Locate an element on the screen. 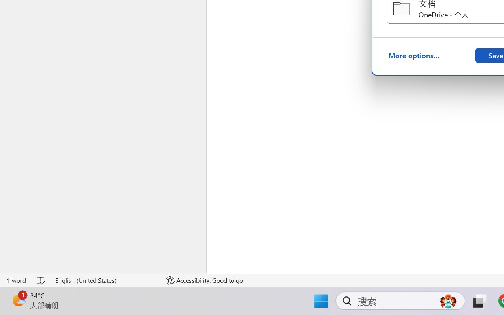  'AutomationID: BadgeAnchorLargeTicker' is located at coordinates (18, 300).